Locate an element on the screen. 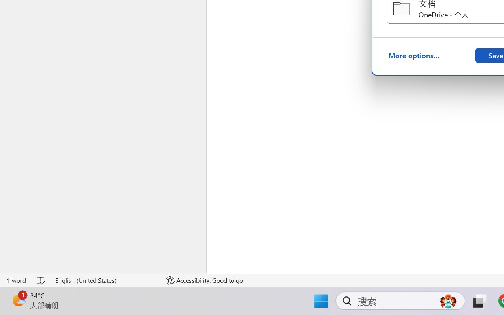  'AutomationID: BadgeAnchorLargeTicker' is located at coordinates (18, 300).